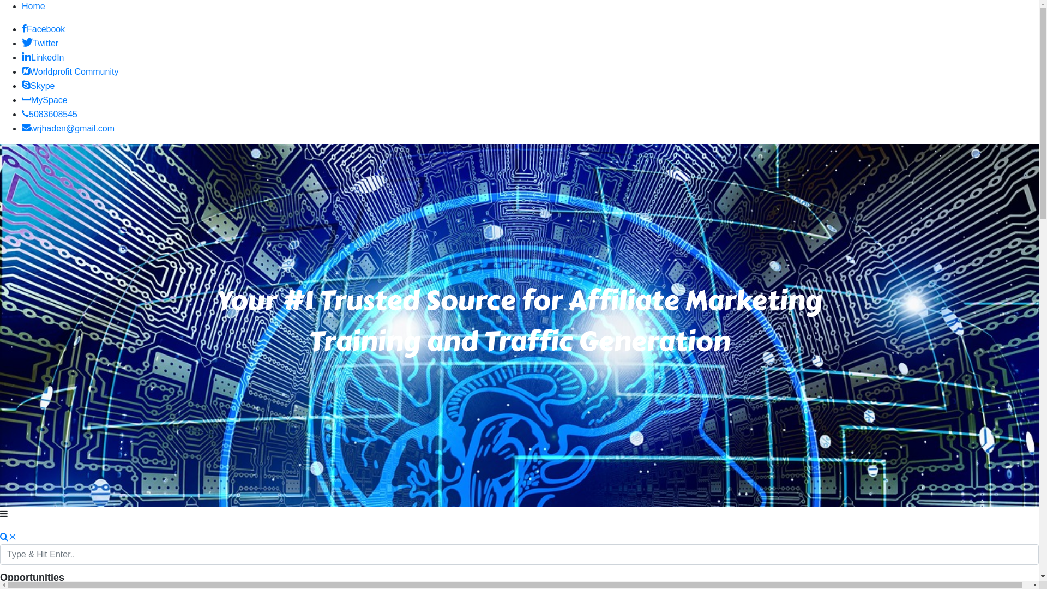  What do you see at coordinates (69, 71) in the screenshot?
I see `'Worldprofit Community'` at bounding box center [69, 71].